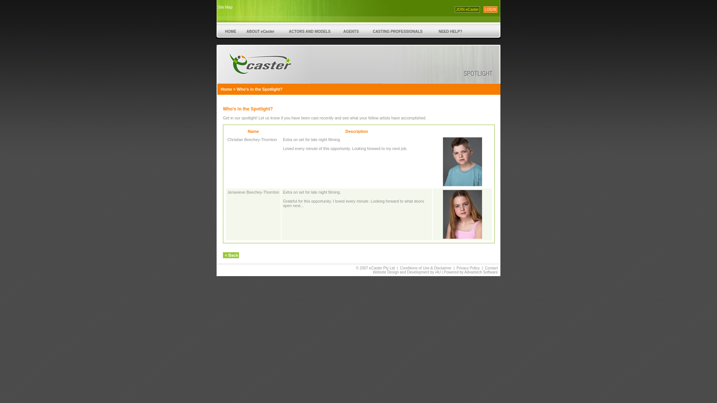 The image size is (717, 403). What do you see at coordinates (260, 31) in the screenshot?
I see `' ABOUT eCaster '` at bounding box center [260, 31].